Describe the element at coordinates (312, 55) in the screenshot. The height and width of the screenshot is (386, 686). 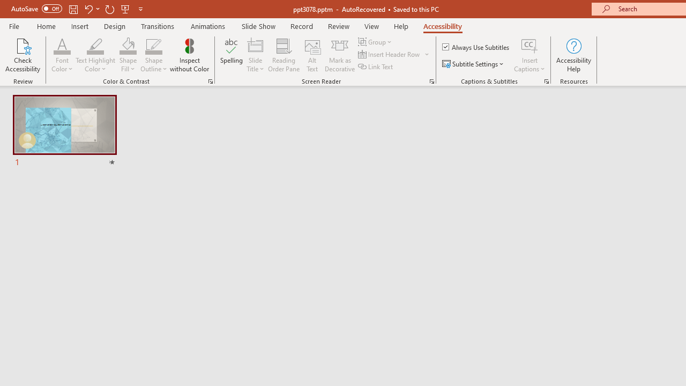
I see `'Alt Text'` at that location.